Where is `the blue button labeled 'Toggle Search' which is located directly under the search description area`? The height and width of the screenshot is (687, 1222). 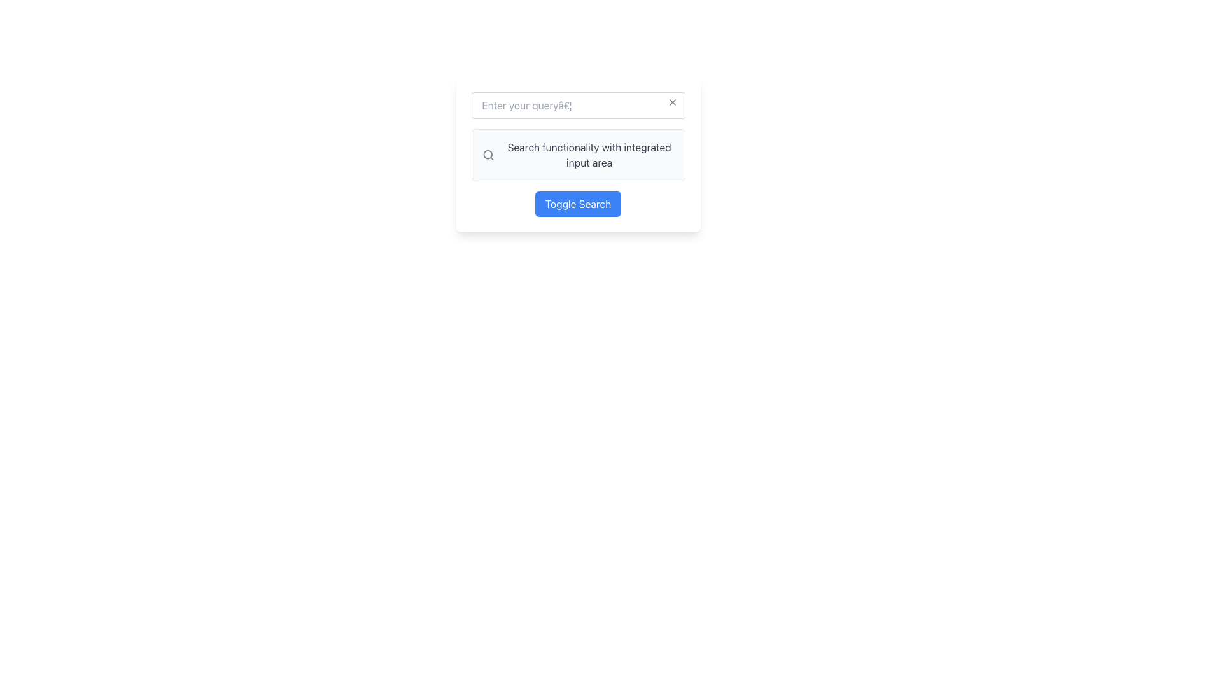
the blue button labeled 'Toggle Search' which is located directly under the search description area is located at coordinates (577, 203).